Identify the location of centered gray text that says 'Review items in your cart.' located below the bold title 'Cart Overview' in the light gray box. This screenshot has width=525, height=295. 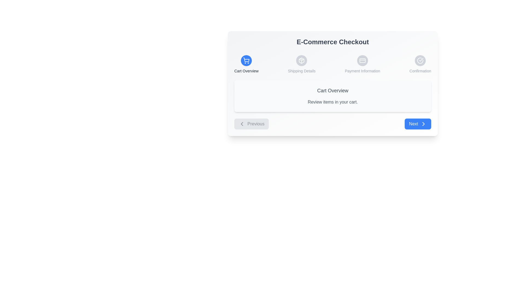
(332, 102).